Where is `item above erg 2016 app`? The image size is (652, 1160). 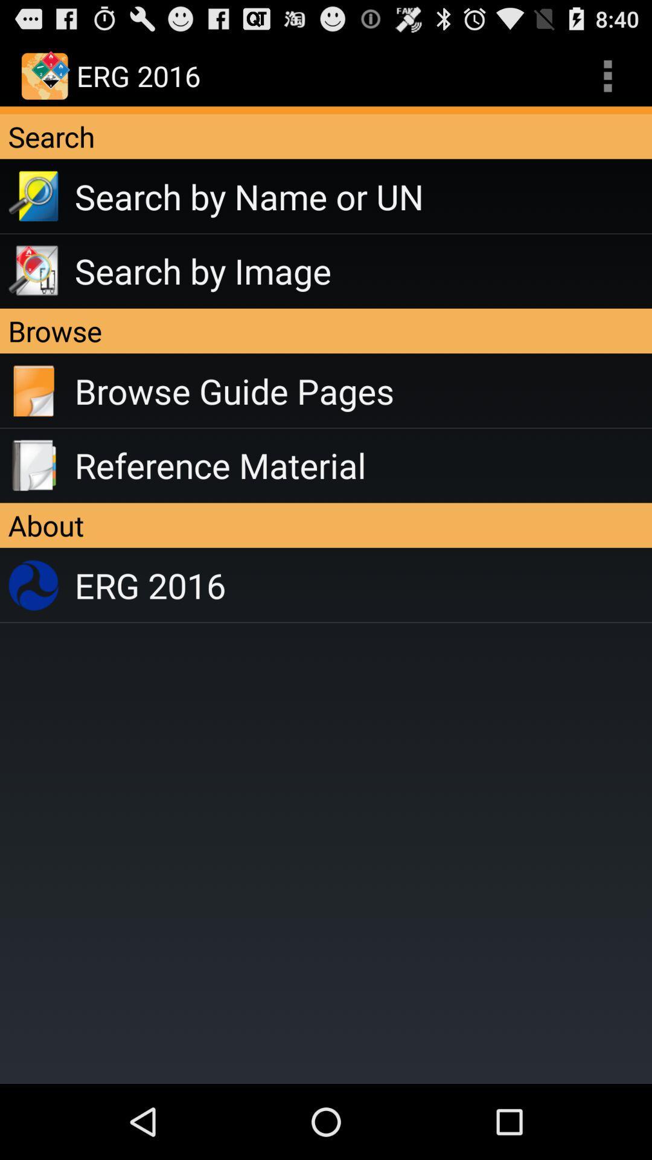 item above erg 2016 app is located at coordinates (326, 525).